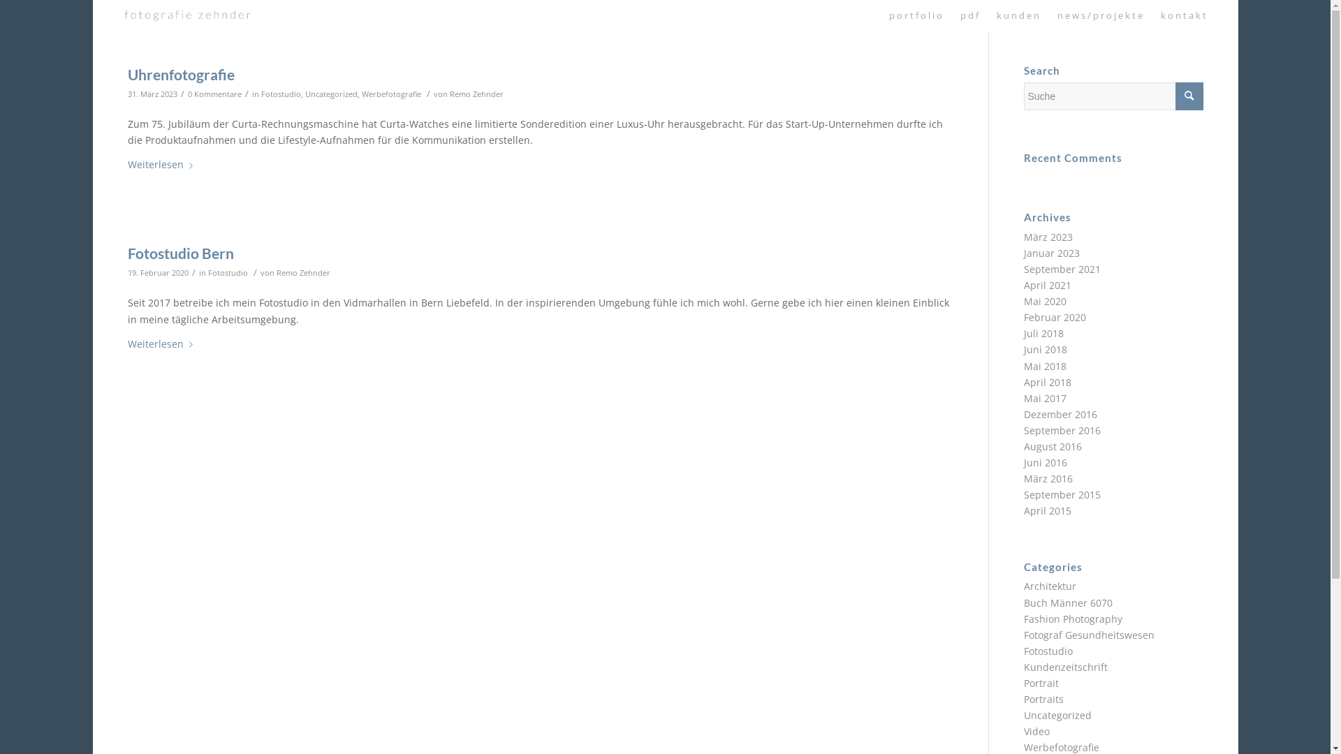 The height and width of the screenshot is (754, 1341). I want to click on 'September 2016', so click(1062, 429).